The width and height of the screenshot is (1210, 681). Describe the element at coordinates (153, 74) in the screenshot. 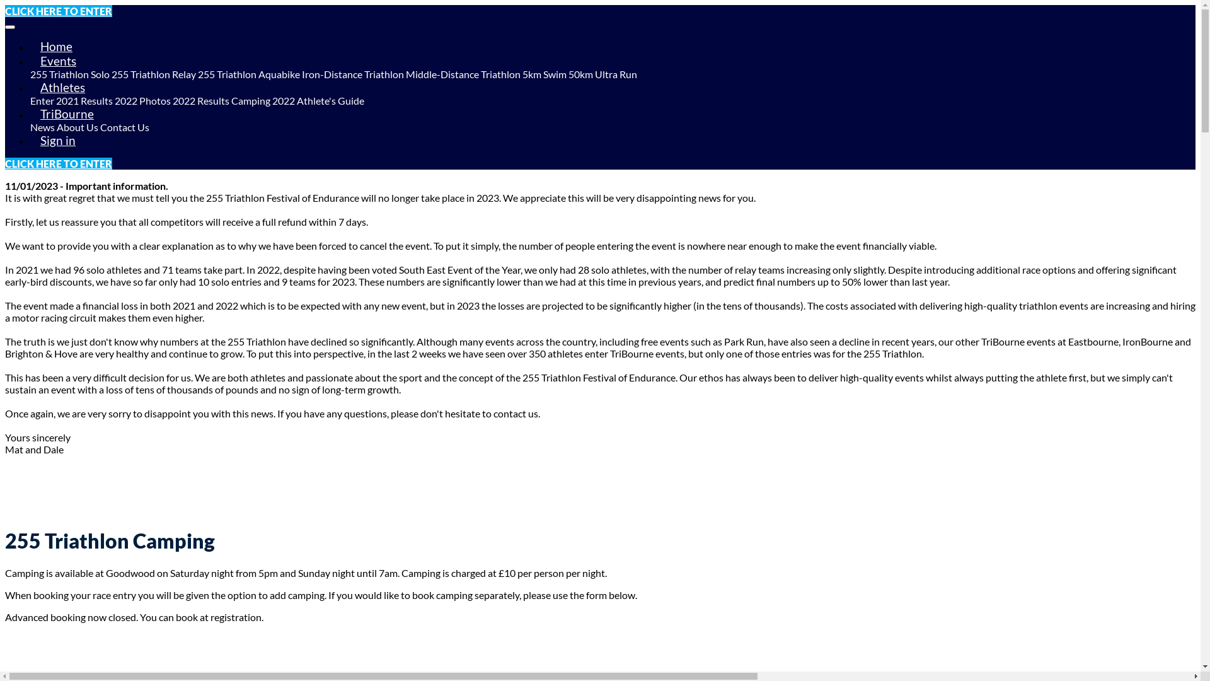

I see `'255 Triathlon Relay'` at that location.